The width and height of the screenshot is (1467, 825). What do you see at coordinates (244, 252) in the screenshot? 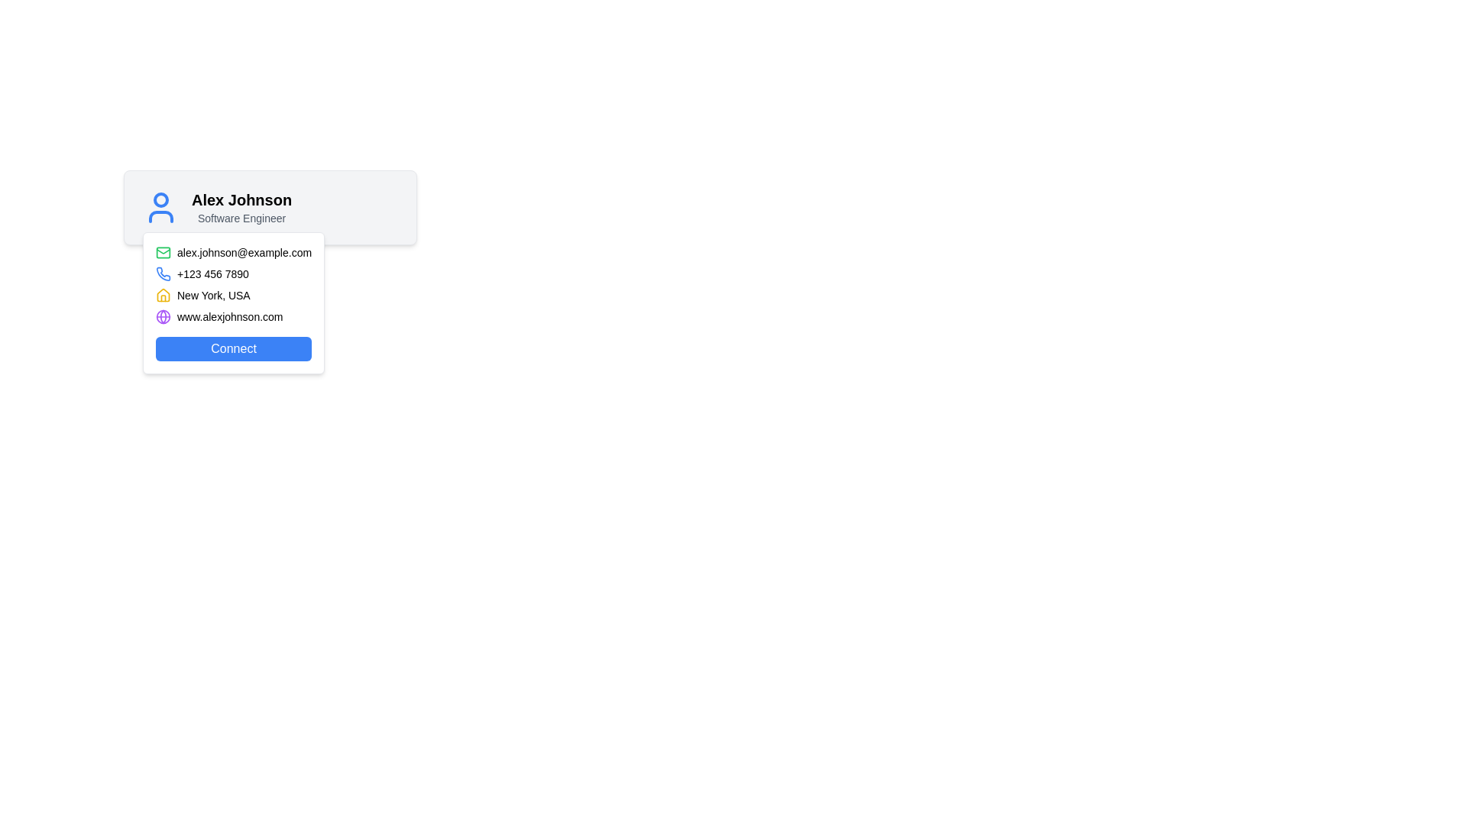
I see `the email address display text label located in the contact information panel, which is positioned above the phone number and adjacent to a green envelope icon` at bounding box center [244, 252].